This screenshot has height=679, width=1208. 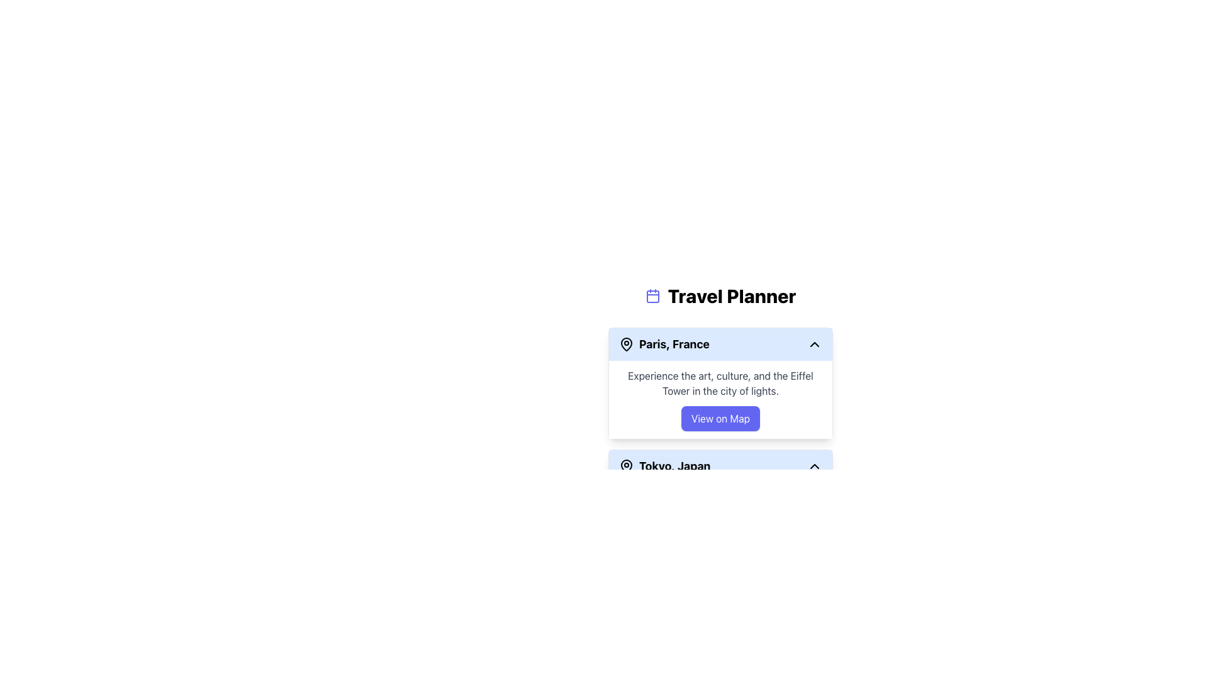 What do you see at coordinates (627, 344) in the screenshot?
I see `the upper part of the location pin icon next to the text 'Paris, France' on the interface layout` at bounding box center [627, 344].